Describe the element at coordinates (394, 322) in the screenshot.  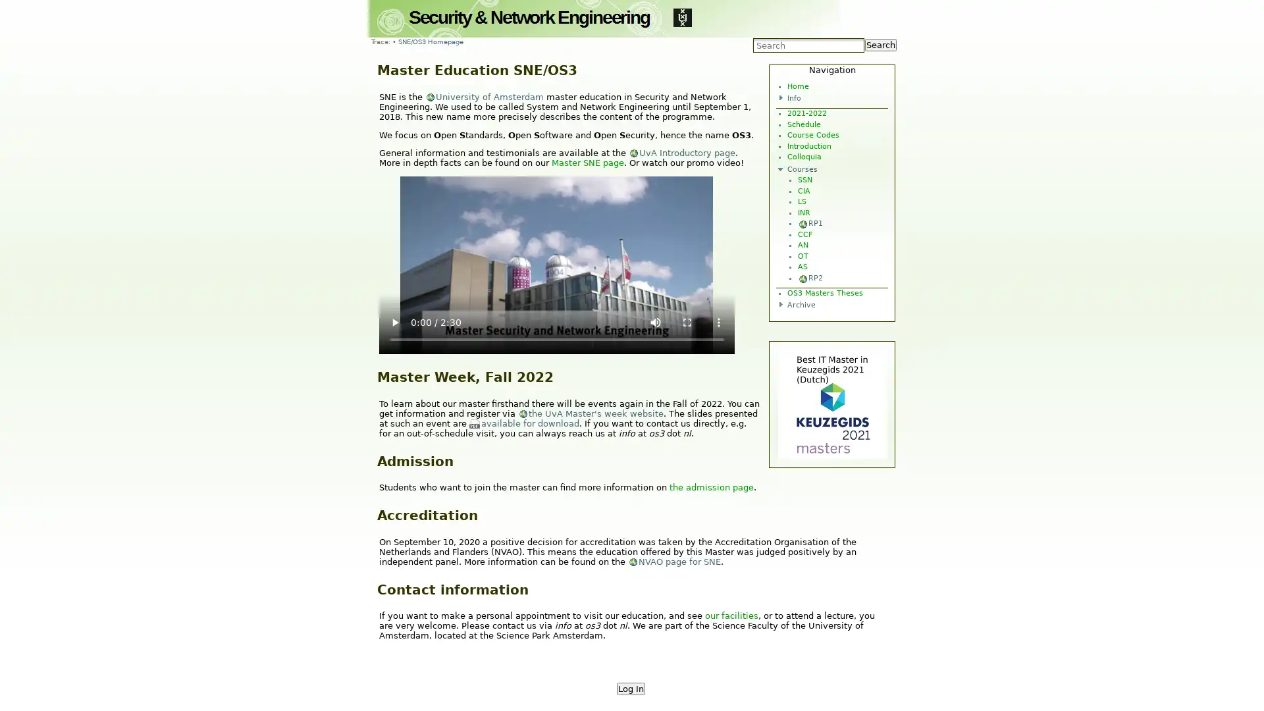
I see `play` at that location.